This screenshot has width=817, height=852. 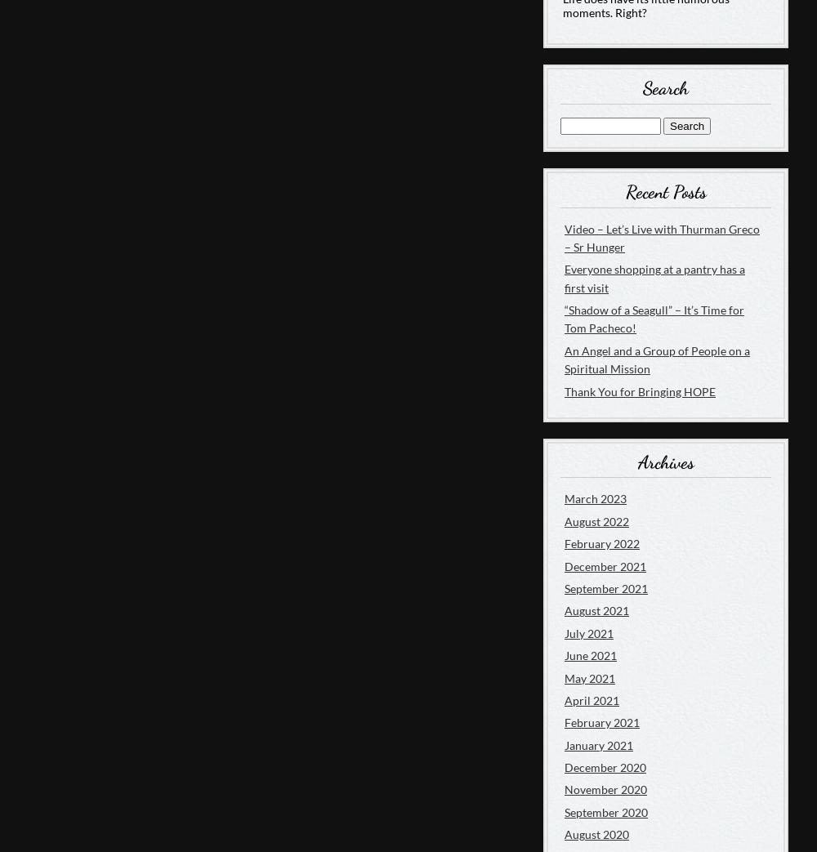 I want to click on 'August 2022', so click(x=596, y=520).